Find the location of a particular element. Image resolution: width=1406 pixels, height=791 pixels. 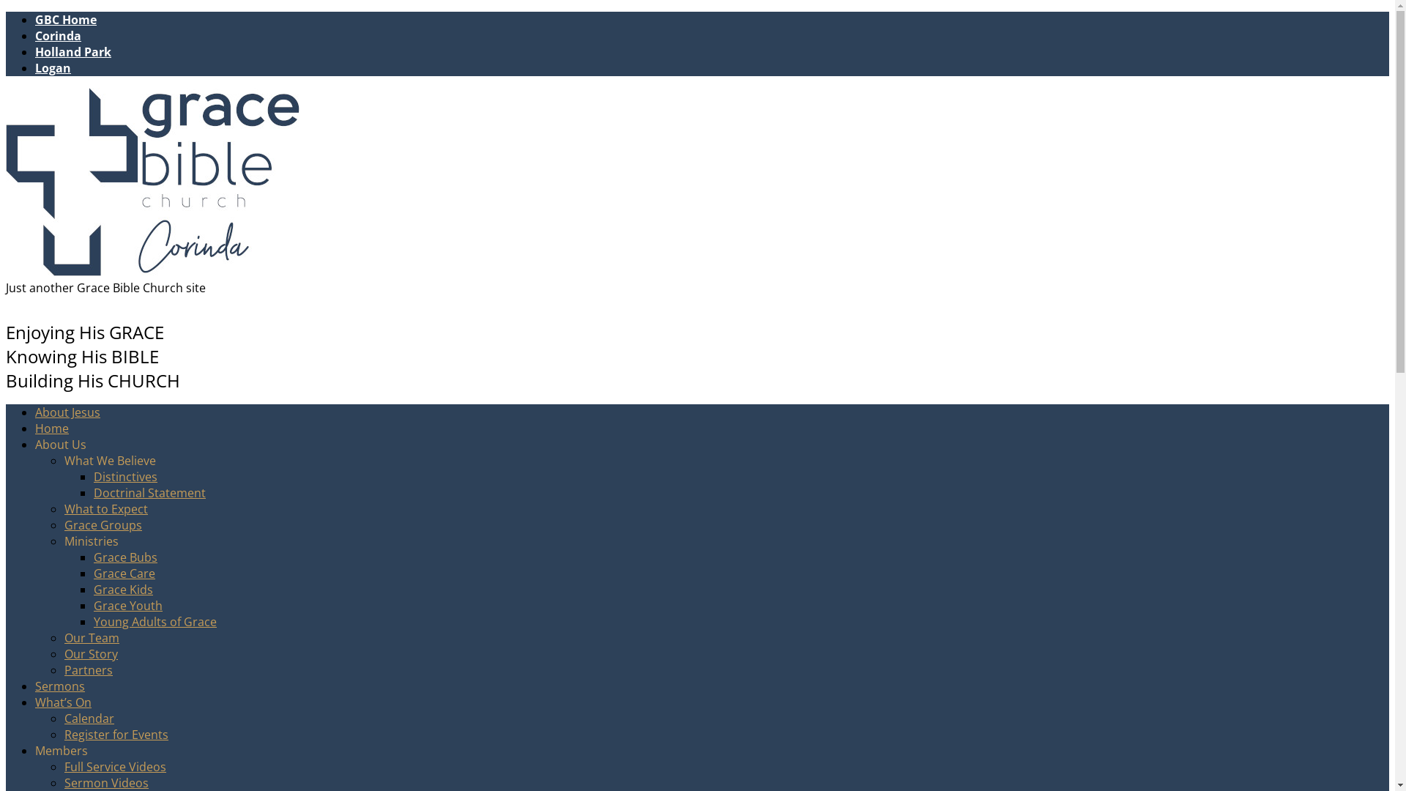

'Distinctives' is located at coordinates (125, 477).